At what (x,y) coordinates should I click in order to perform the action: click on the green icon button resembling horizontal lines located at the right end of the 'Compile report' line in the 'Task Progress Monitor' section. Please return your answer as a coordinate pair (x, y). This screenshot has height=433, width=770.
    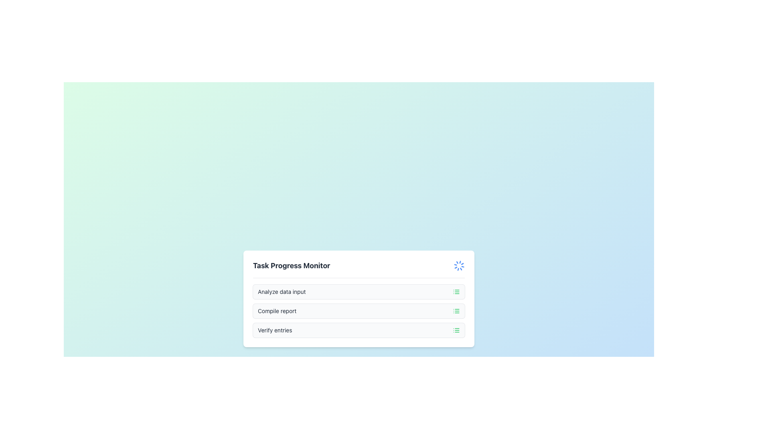
    Looking at the image, I should click on (456, 310).